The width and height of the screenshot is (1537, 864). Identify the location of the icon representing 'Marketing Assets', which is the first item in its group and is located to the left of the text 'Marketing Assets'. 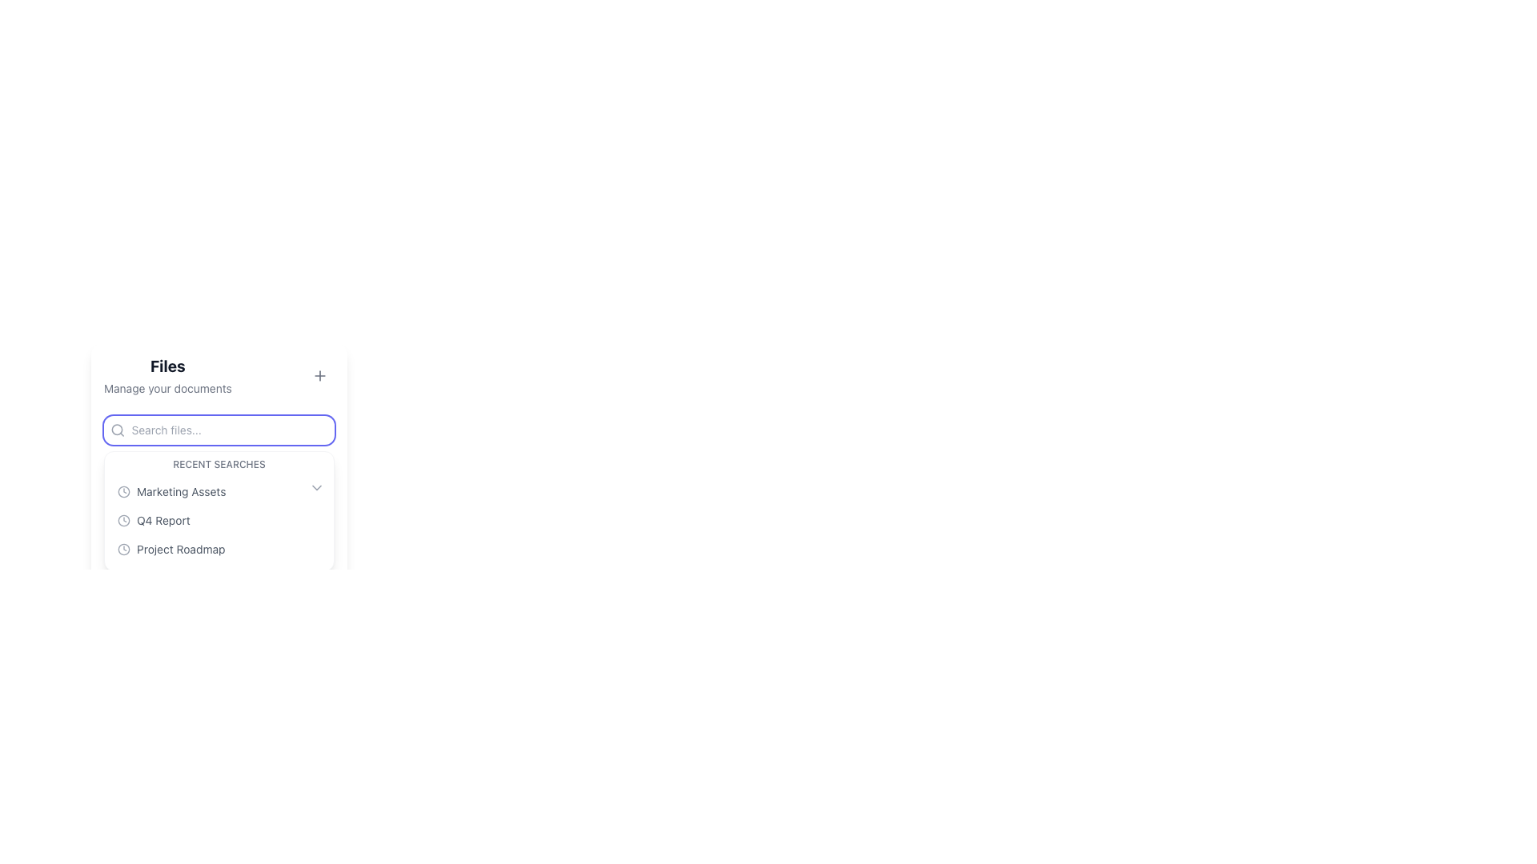
(122, 490).